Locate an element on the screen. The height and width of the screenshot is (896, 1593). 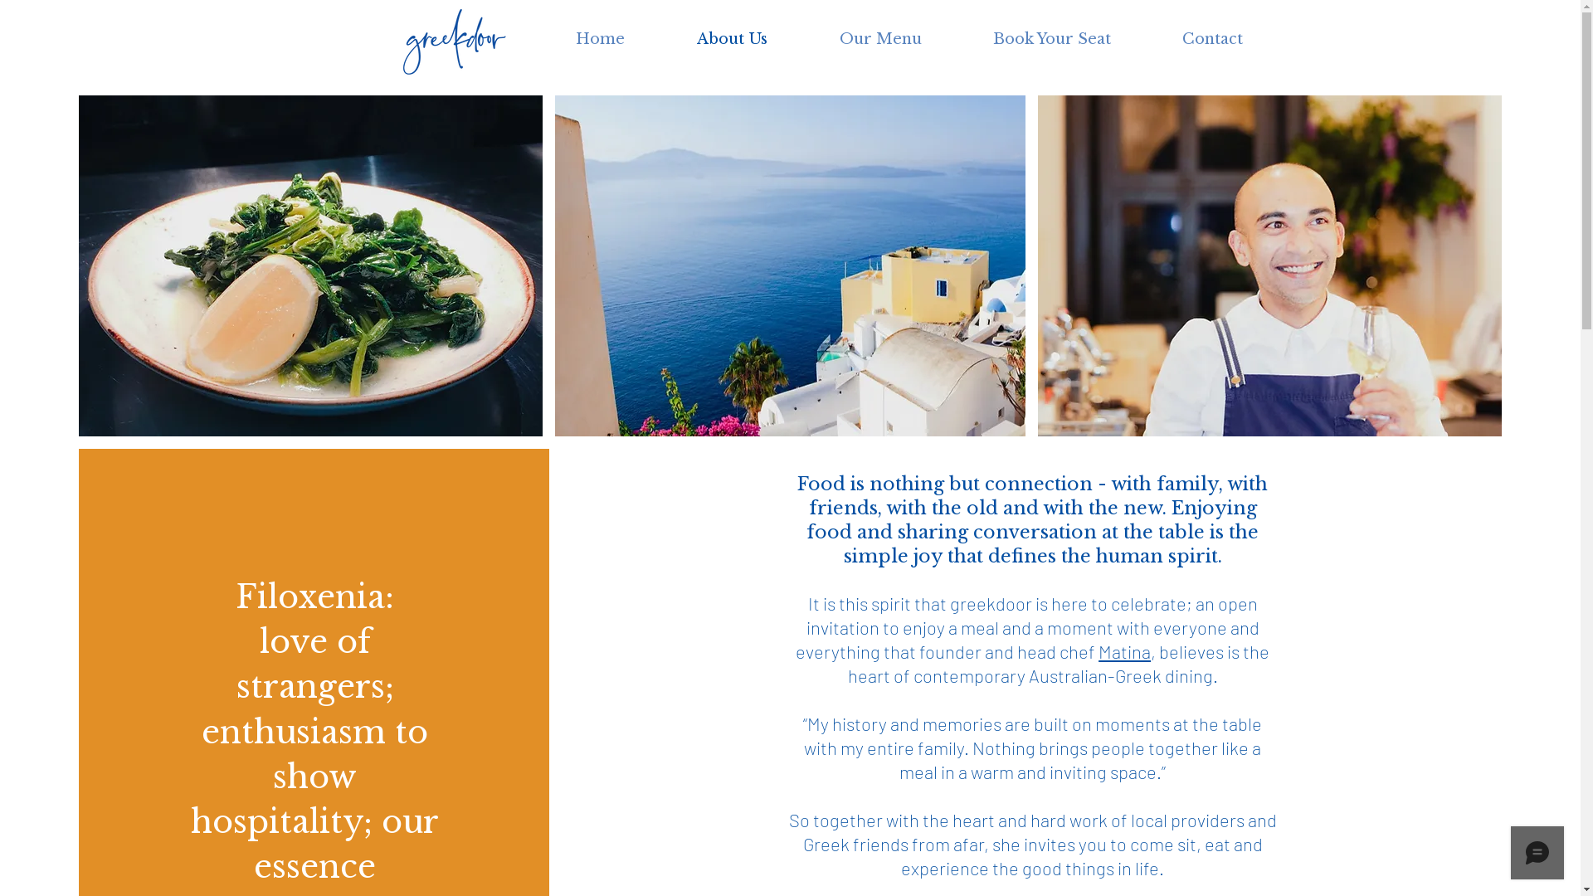
'Home' is located at coordinates (538, 38).